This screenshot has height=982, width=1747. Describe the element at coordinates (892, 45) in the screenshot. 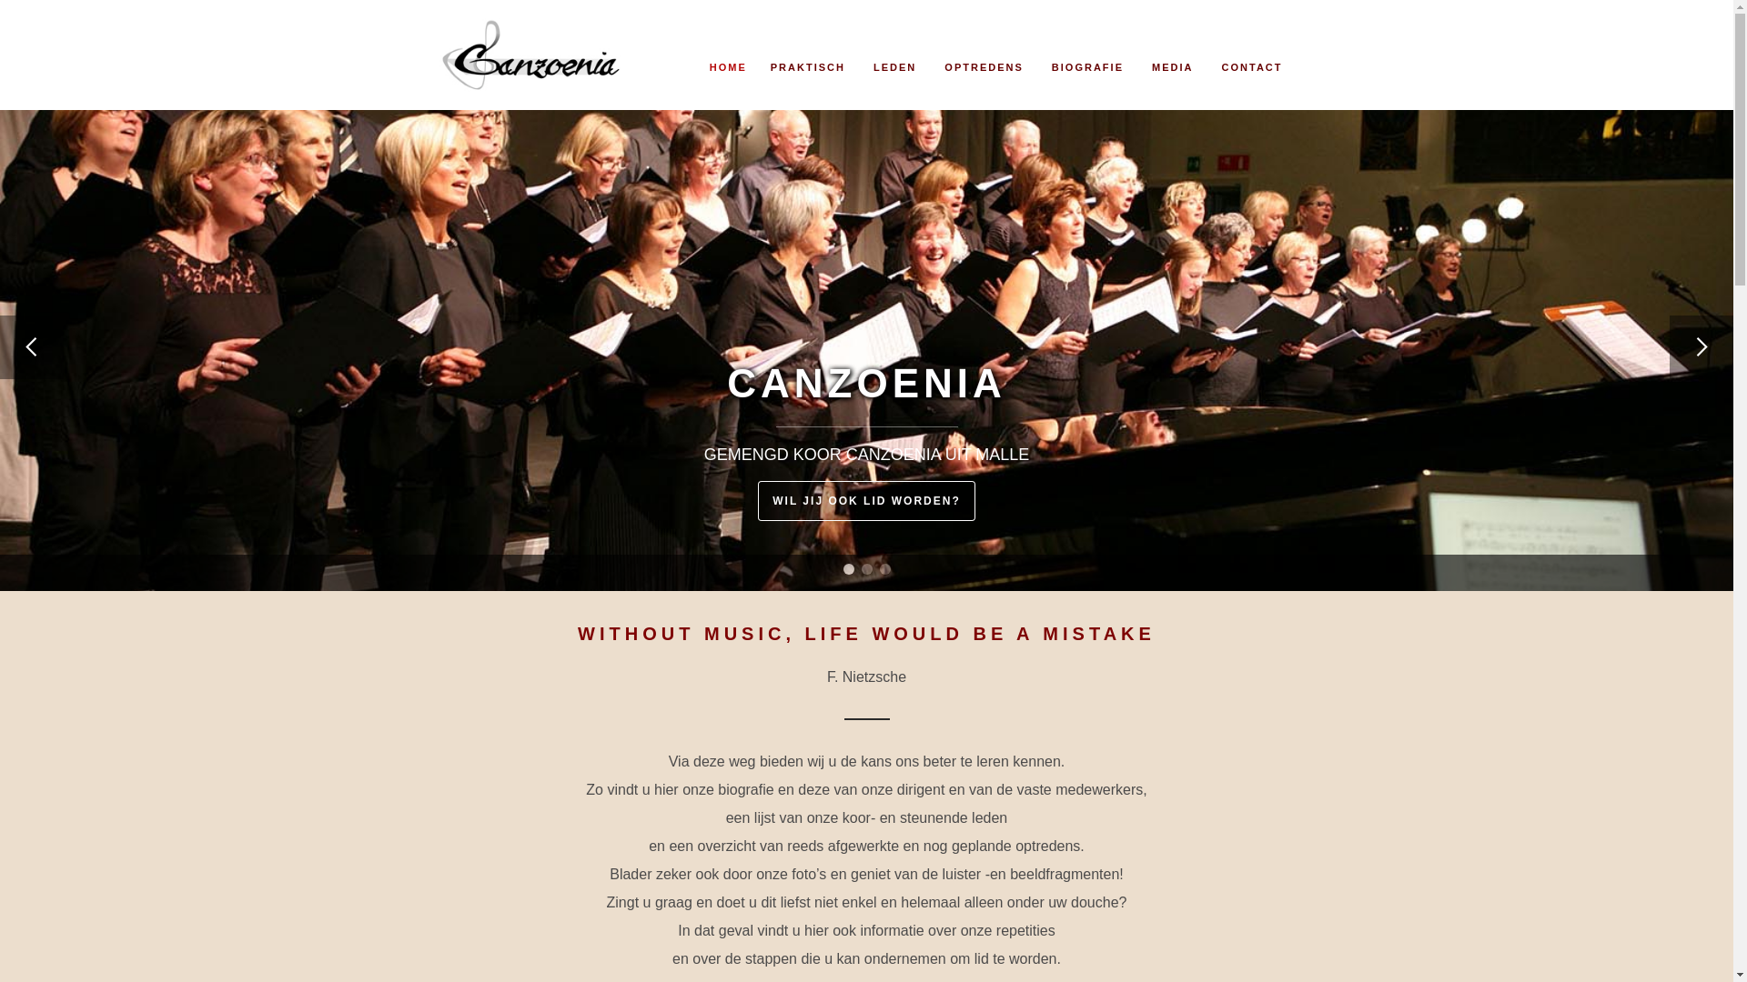

I see `' LEDEN'` at that location.